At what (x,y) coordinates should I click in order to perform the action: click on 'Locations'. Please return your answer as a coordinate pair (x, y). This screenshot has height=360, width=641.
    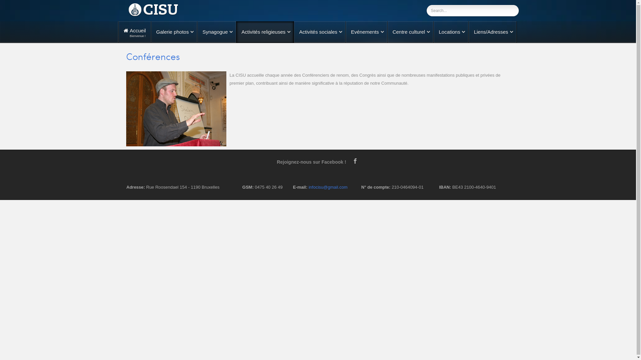
    Looking at the image, I should click on (451, 32).